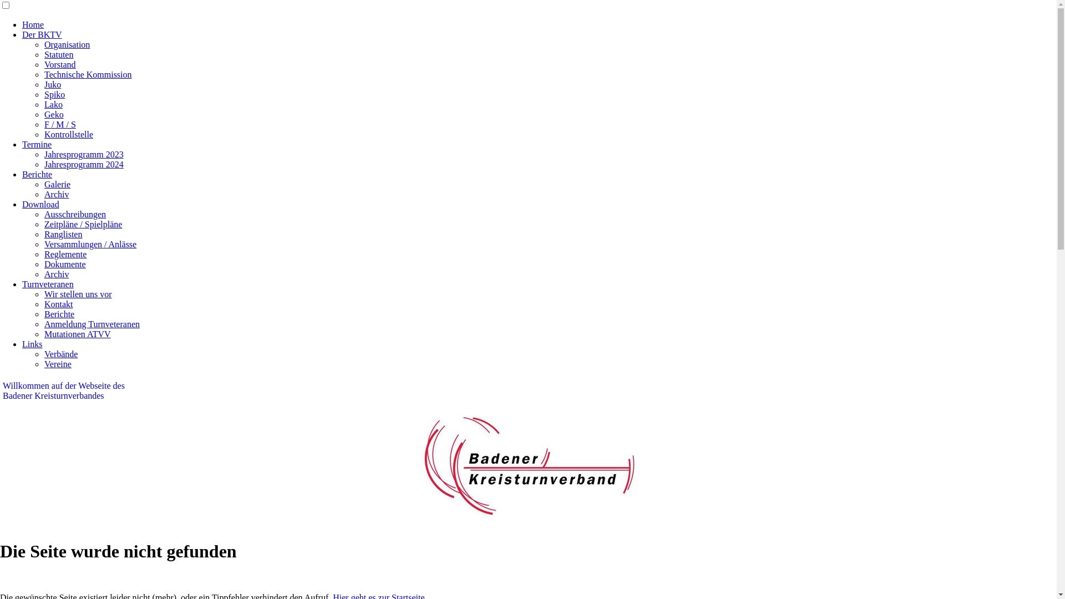 This screenshot has height=599, width=1065. I want to click on 'Galerie', so click(57, 184).